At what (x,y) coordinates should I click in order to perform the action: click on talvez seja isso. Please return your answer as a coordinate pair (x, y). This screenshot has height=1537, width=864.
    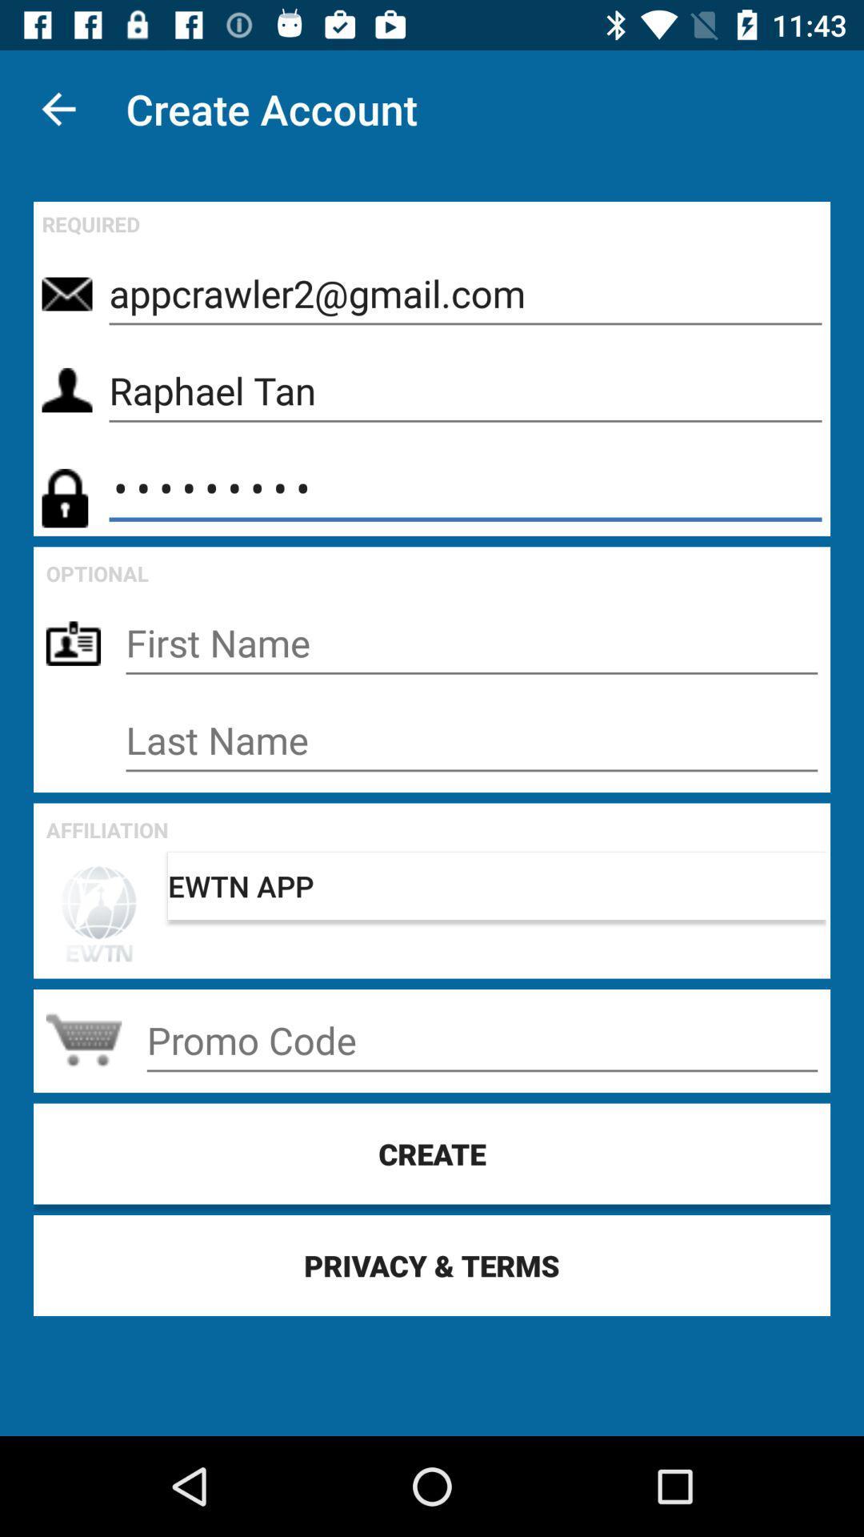
    Looking at the image, I should click on (470, 643).